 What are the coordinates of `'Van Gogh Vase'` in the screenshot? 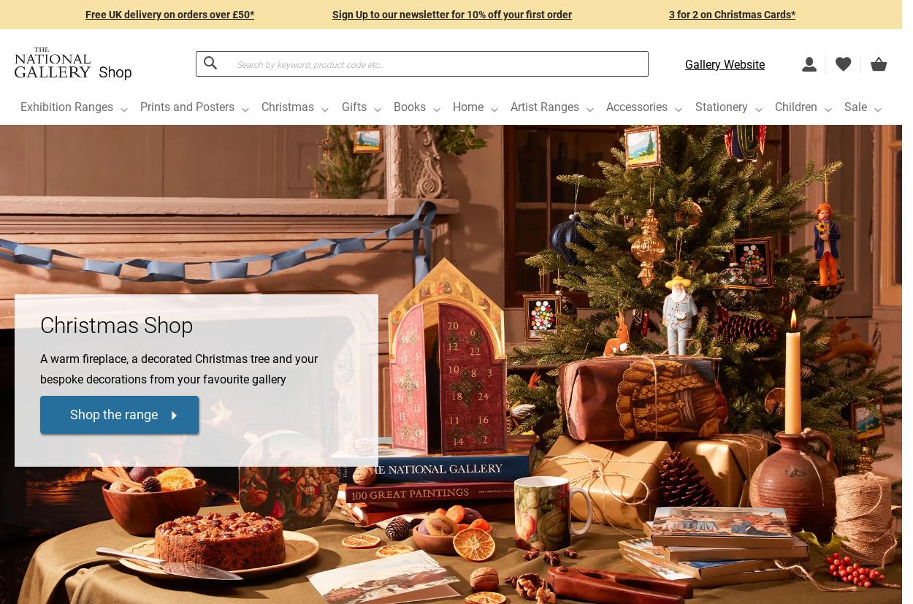 It's located at (276, 514).